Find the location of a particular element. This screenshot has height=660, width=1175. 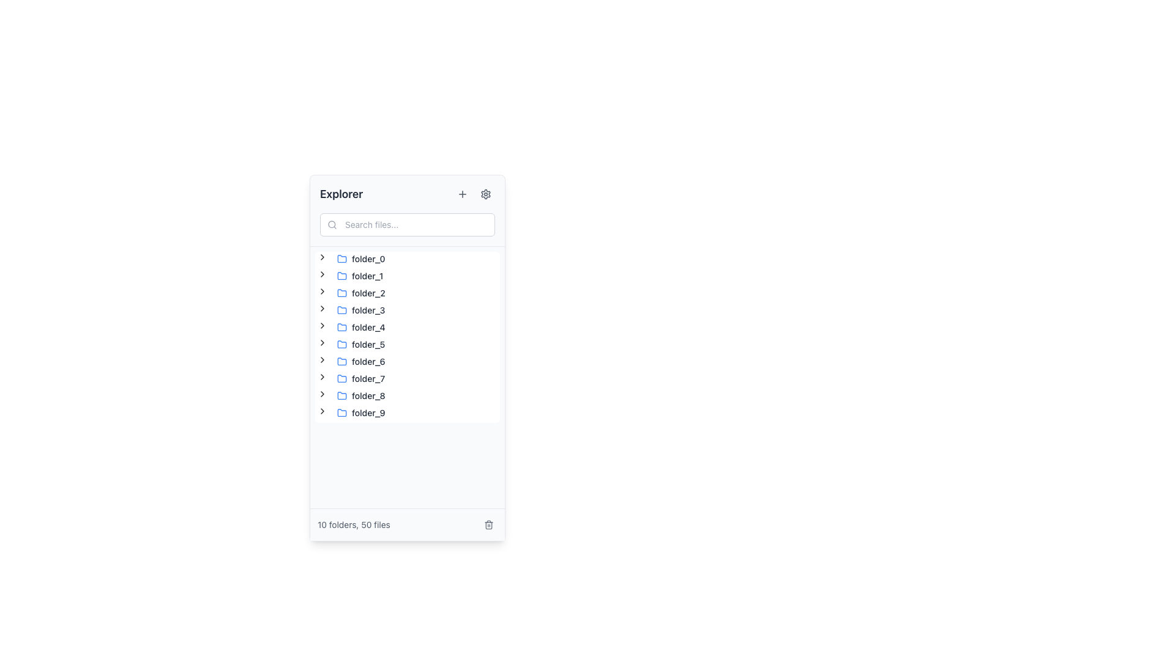

the triangular icon button adjacent to the label 'folder_9' is located at coordinates (323, 413).